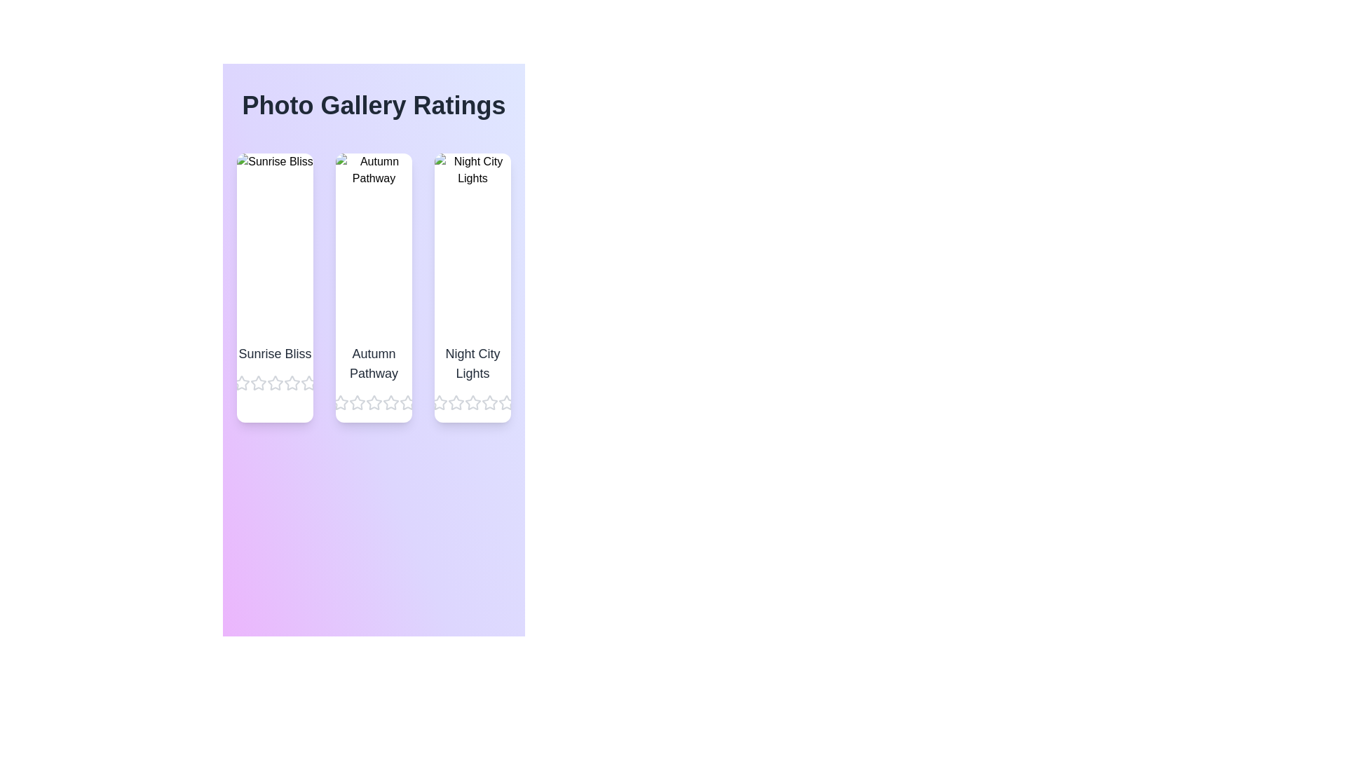  I want to click on the star corresponding to 1 stars for the image titled Autumn Pathway, so click(340, 402).